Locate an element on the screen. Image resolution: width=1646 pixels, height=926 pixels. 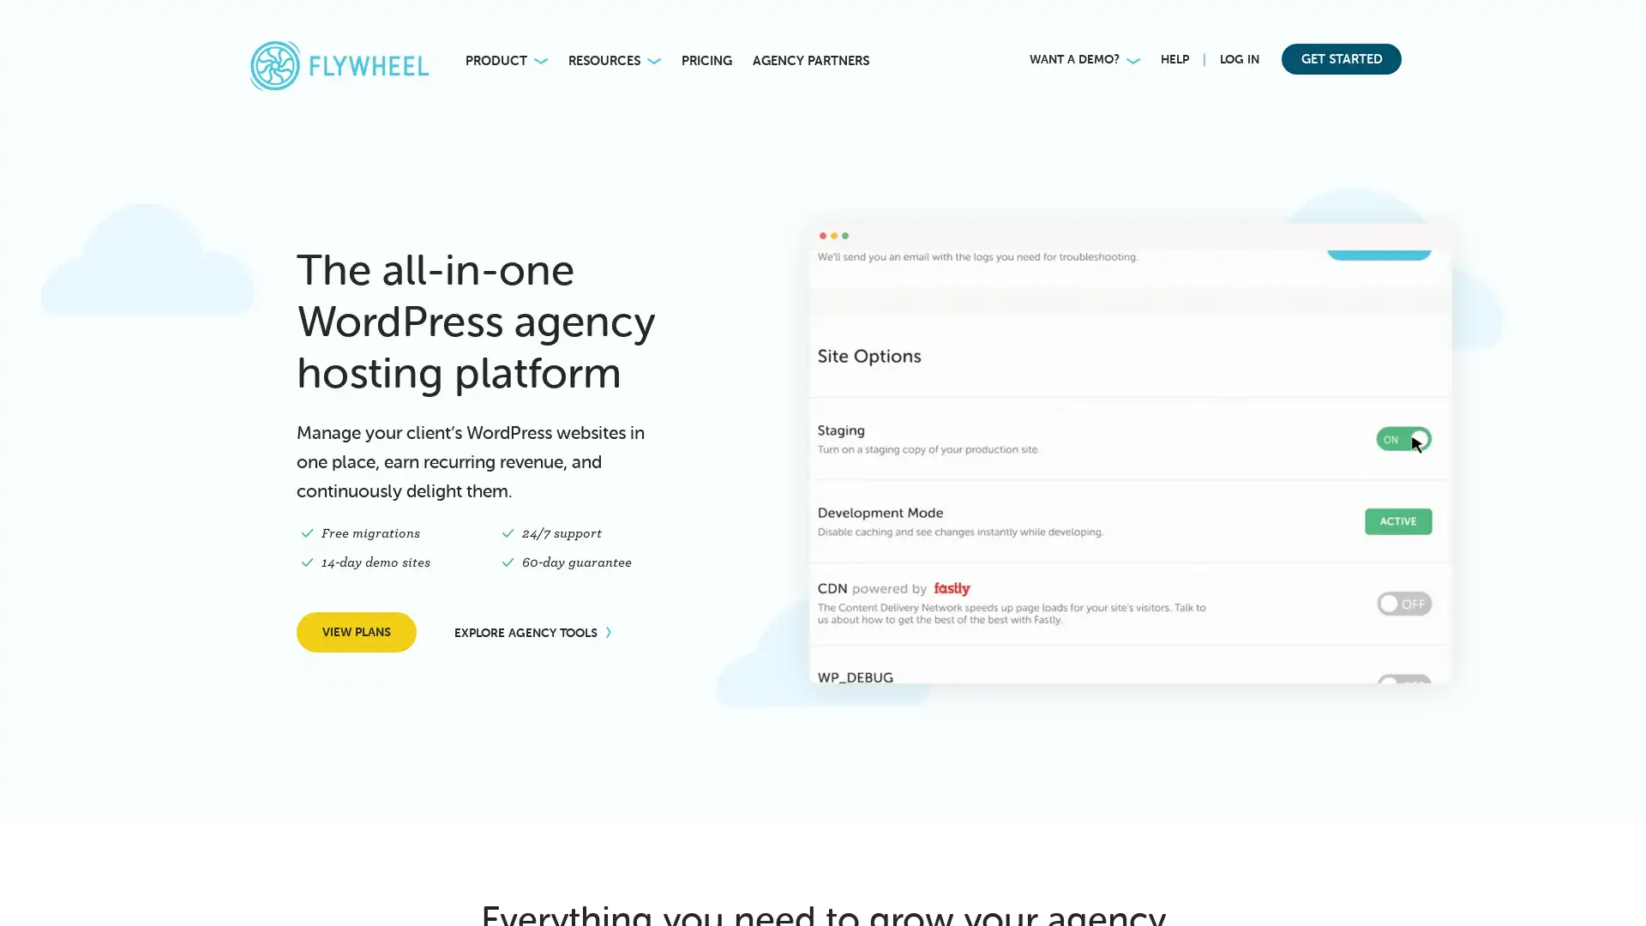
Close is located at coordinates (1620, 21).